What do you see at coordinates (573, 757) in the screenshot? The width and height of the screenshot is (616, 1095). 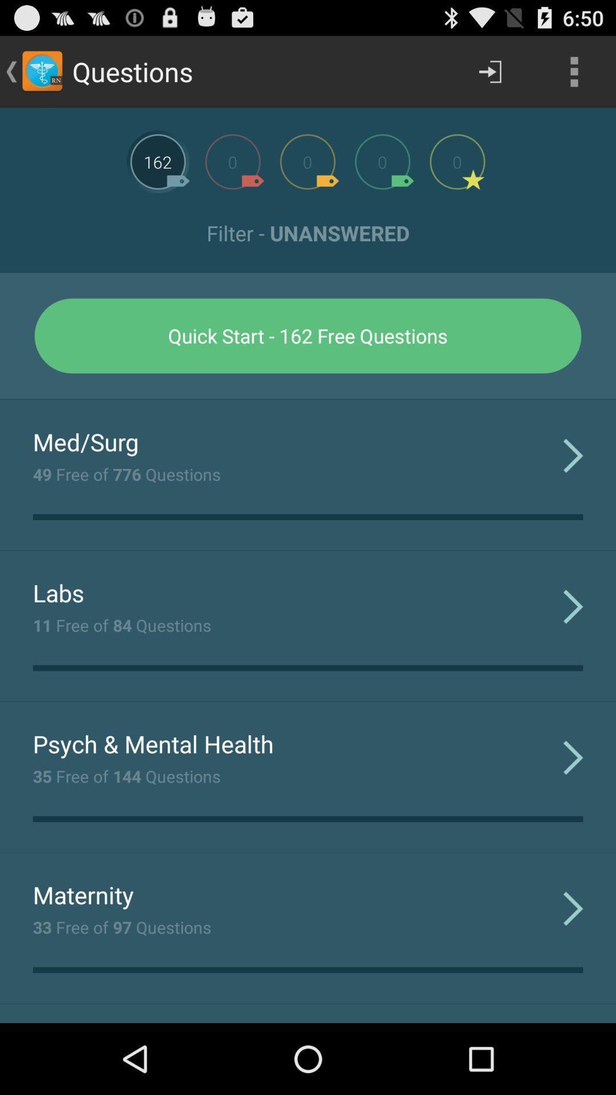 I see `item to the right of psych & mental health` at bounding box center [573, 757].